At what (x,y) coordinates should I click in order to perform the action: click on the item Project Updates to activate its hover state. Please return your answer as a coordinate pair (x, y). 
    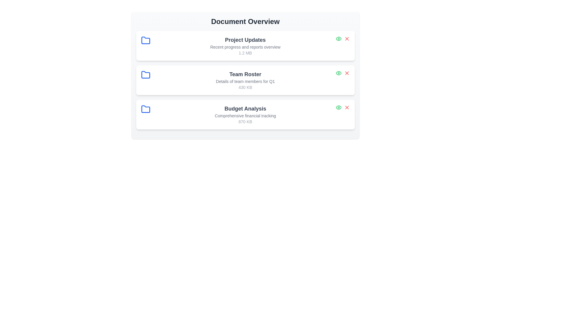
    Looking at the image, I should click on (245, 45).